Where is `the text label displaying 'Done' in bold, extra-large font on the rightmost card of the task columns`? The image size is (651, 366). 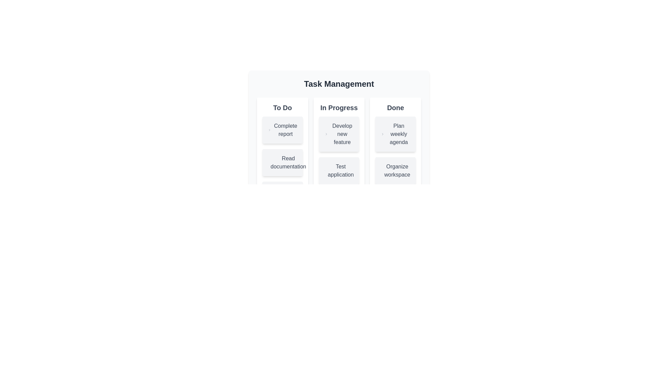 the text label displaying 'Done' in bold, extra-large font on the rightmost card of the task columns is located at coordinates (395, 107).